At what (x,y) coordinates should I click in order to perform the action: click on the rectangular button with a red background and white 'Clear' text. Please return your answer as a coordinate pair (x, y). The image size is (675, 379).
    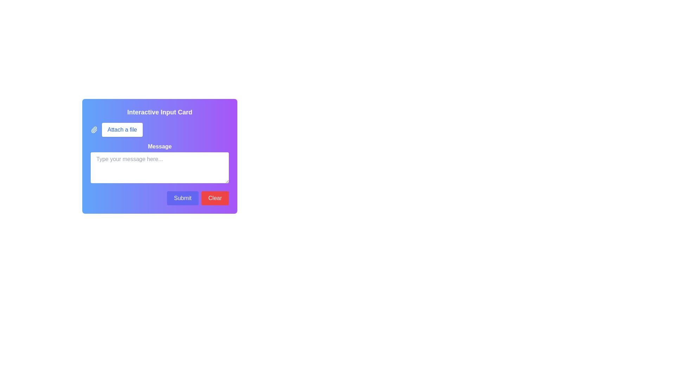
    Looking at the image, I should click on (214, 198).